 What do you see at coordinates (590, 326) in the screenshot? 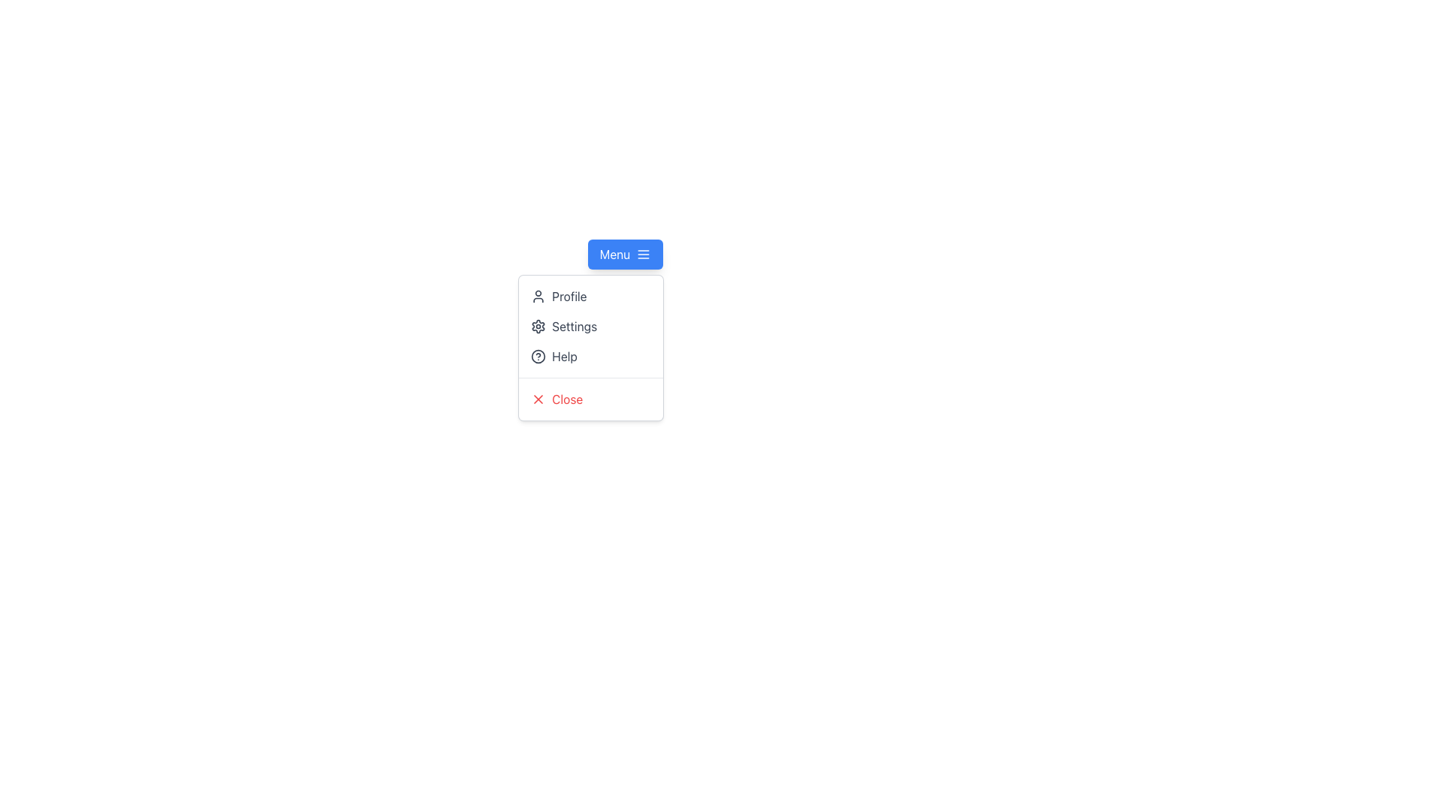
I see `the second option in the dropdown menu, located below 'Profile' and above 'Help'` at bounding box center [590, 326].